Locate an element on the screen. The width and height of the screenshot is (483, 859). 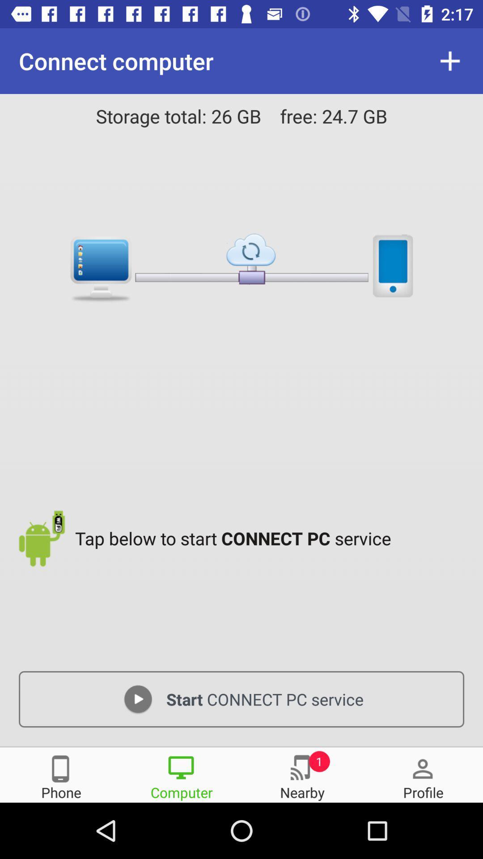
the item above start connect pc is located at coordinates (271, 538).